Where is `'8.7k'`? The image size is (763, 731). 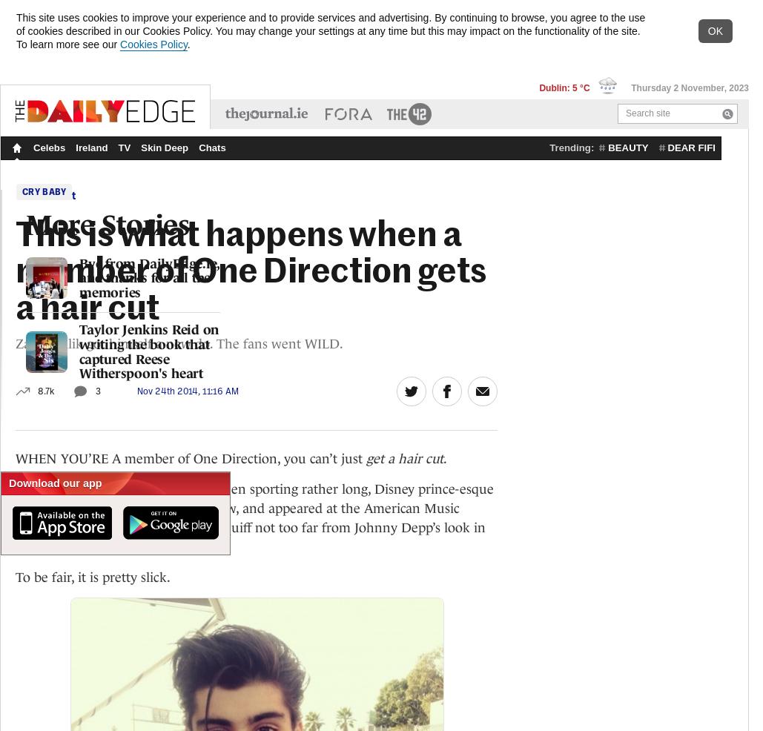 '8.7k' is located at coordinates (45, 389).